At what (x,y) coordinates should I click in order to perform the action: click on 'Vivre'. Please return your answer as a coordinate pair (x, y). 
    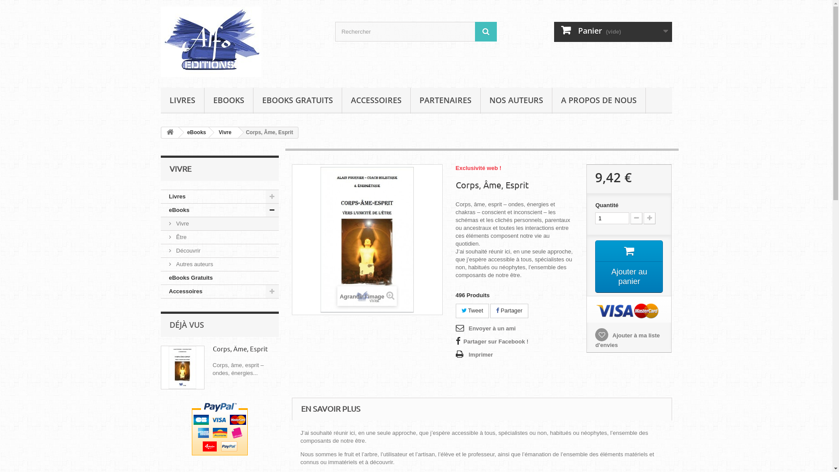
    Looking at the image, I should click on (224, 132).